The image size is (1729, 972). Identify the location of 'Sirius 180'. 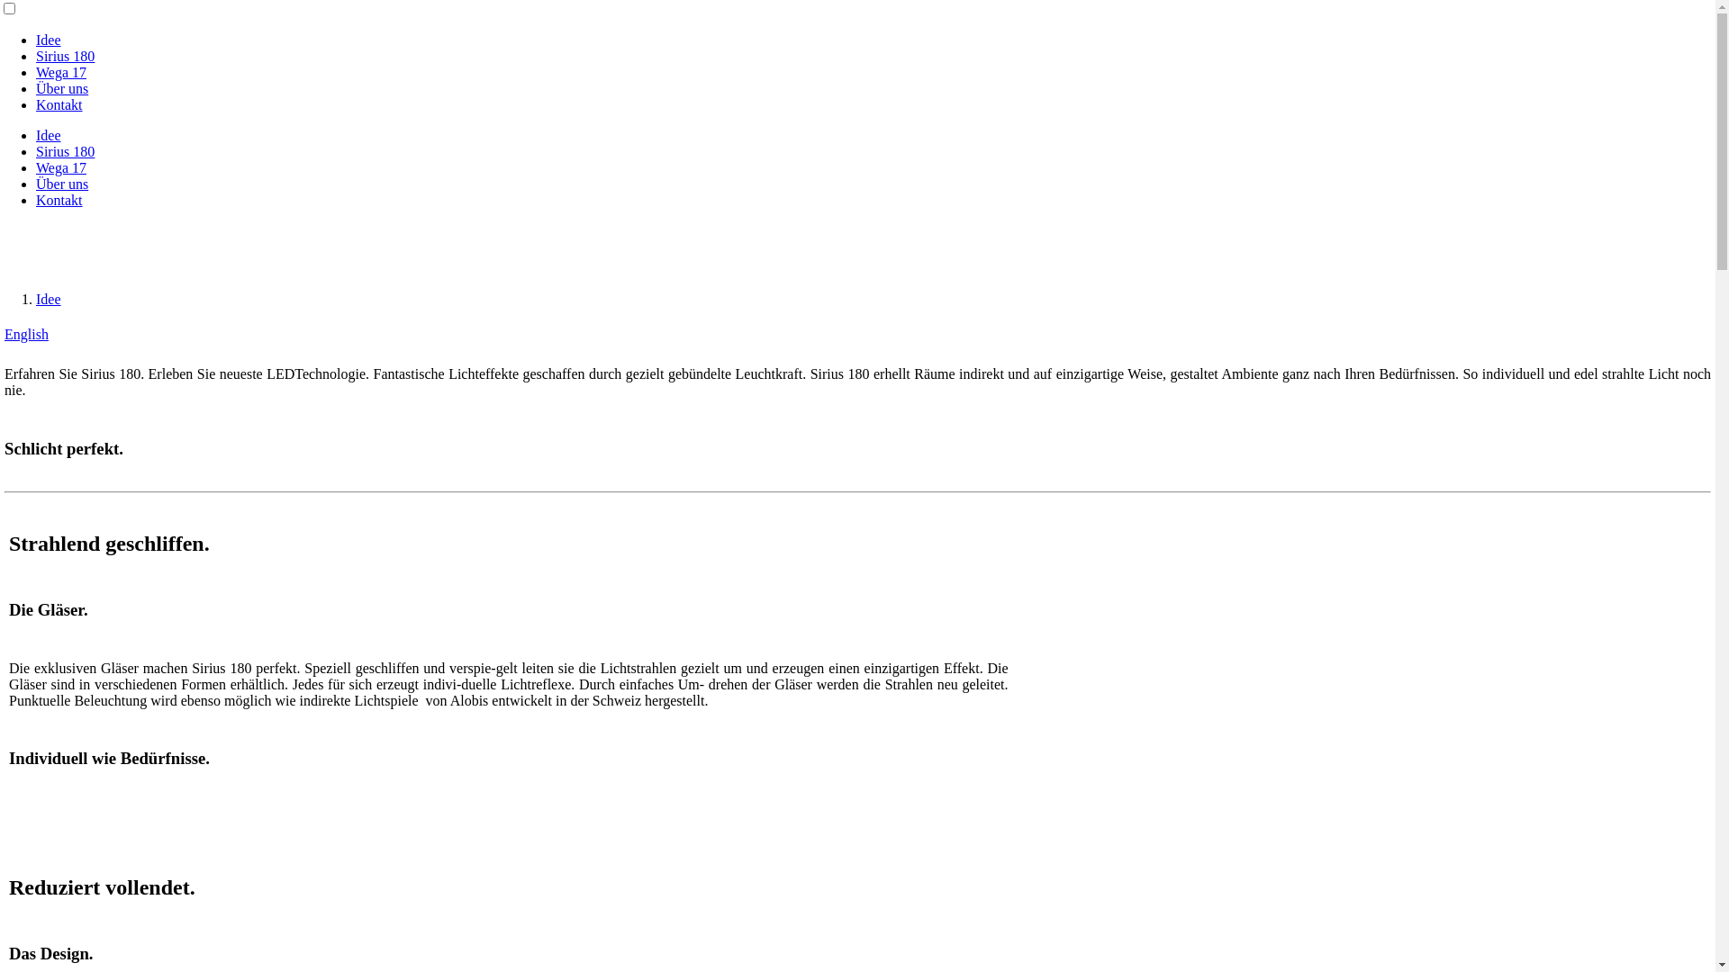
(65, 150).